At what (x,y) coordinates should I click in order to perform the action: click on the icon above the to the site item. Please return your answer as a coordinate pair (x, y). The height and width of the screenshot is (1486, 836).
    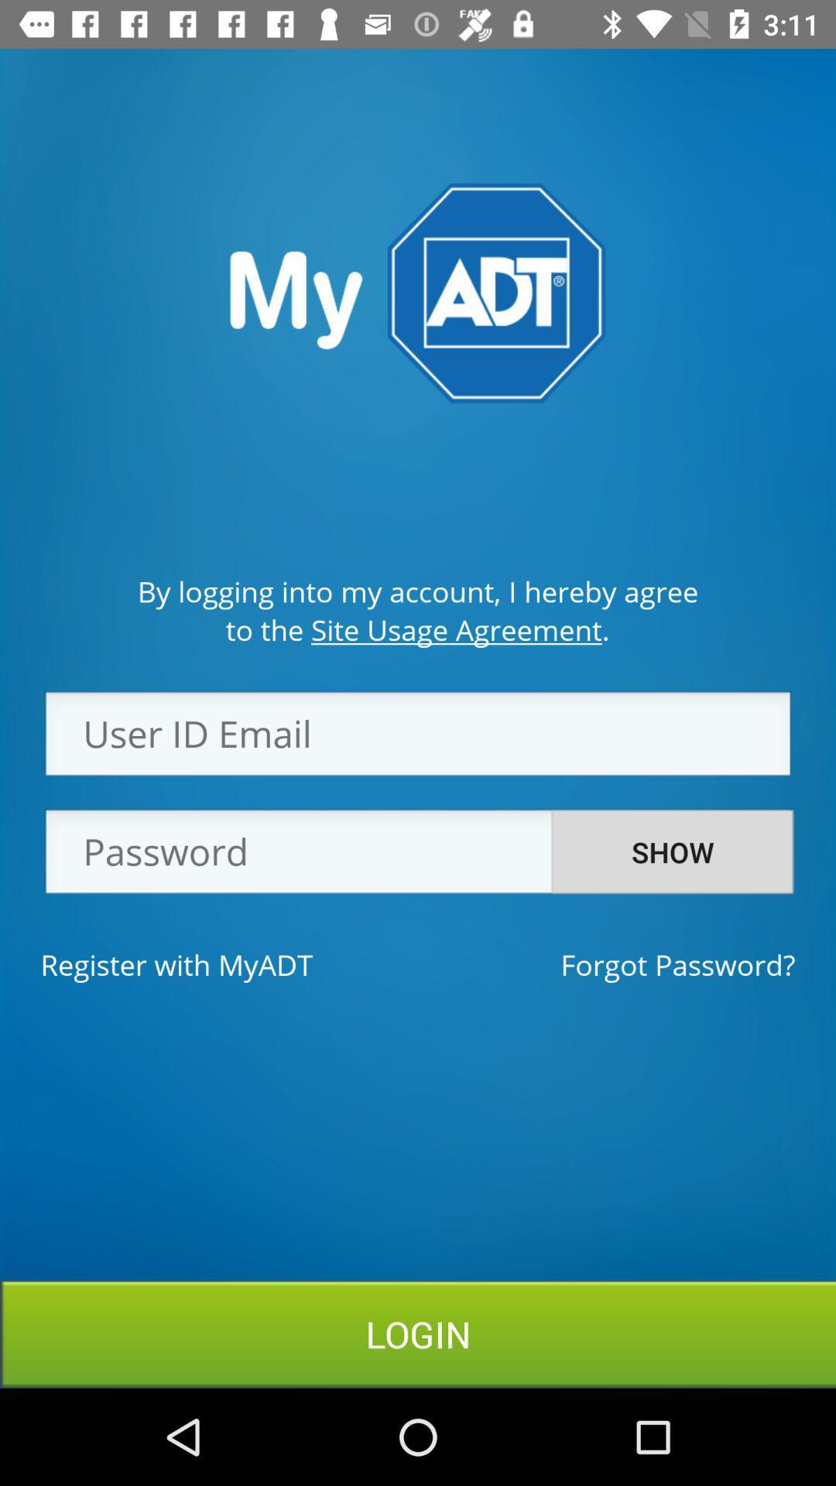
    Looking at the image, I should click on (418, 591).